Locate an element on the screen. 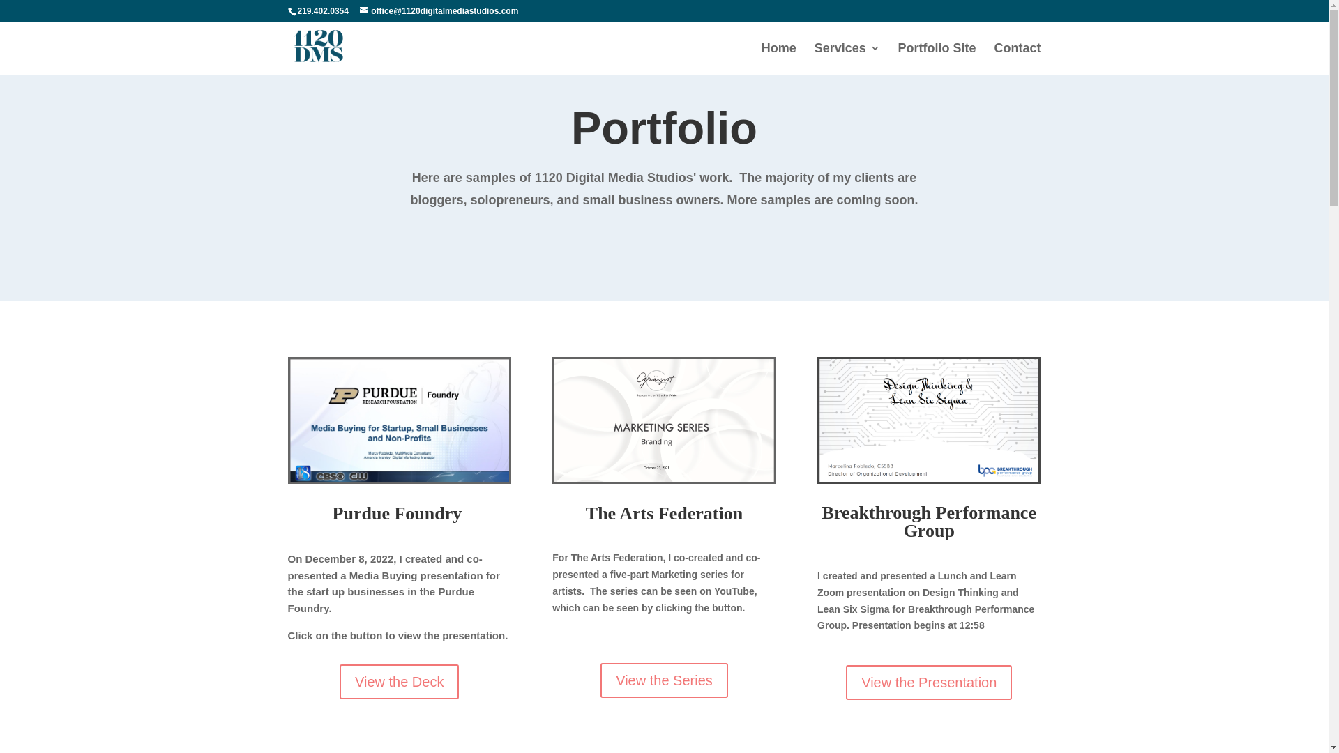 The height and width of the screenshot is (753, 1339). 'office@1120digitalmediastudios.com' is located at coordinates (438, 10).